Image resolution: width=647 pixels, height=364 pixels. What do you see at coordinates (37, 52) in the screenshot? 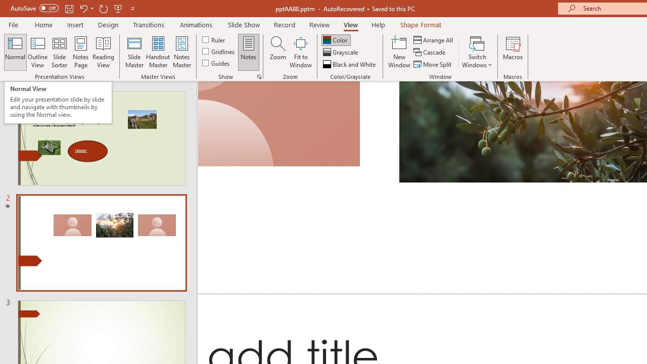
I see `'Outline View'` at bounding box center [37, 52].